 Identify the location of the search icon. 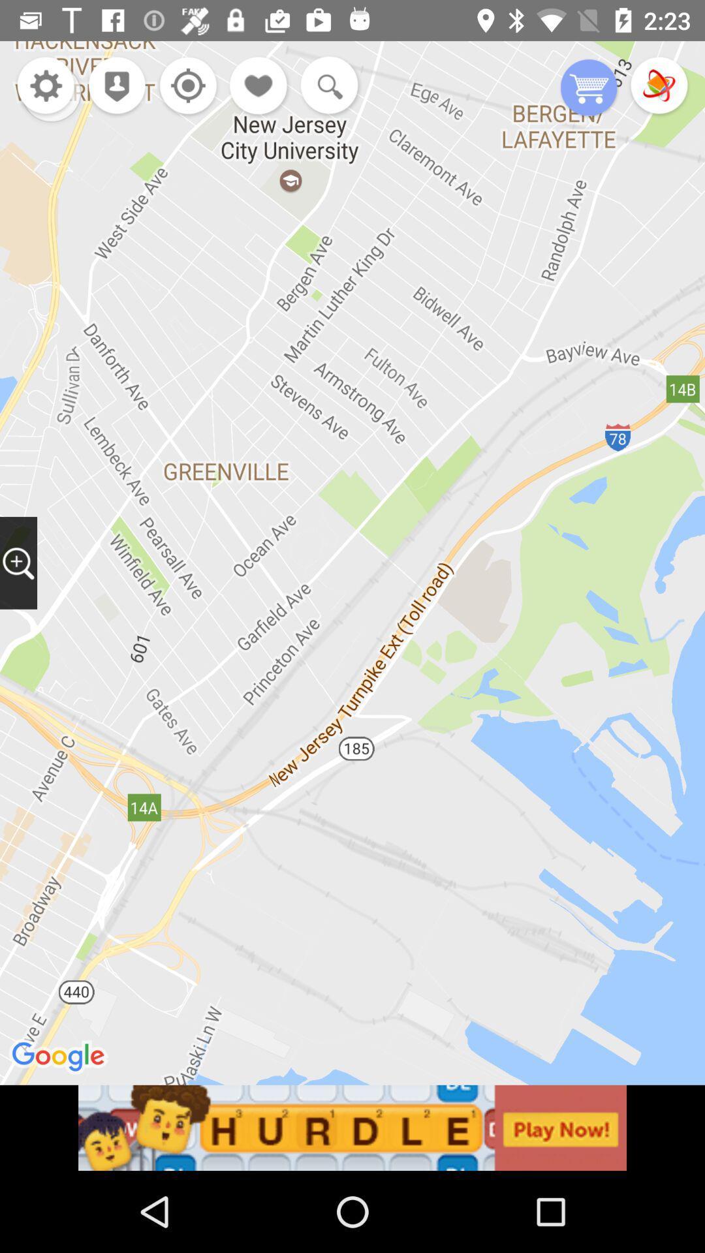
(326, 86).